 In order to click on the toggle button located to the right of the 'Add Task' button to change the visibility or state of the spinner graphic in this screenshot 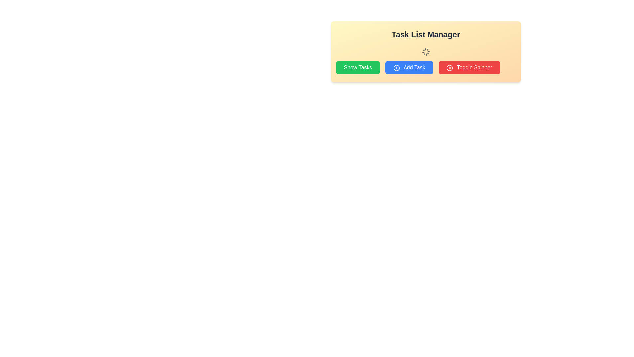, I will do `click(469, 67)`.